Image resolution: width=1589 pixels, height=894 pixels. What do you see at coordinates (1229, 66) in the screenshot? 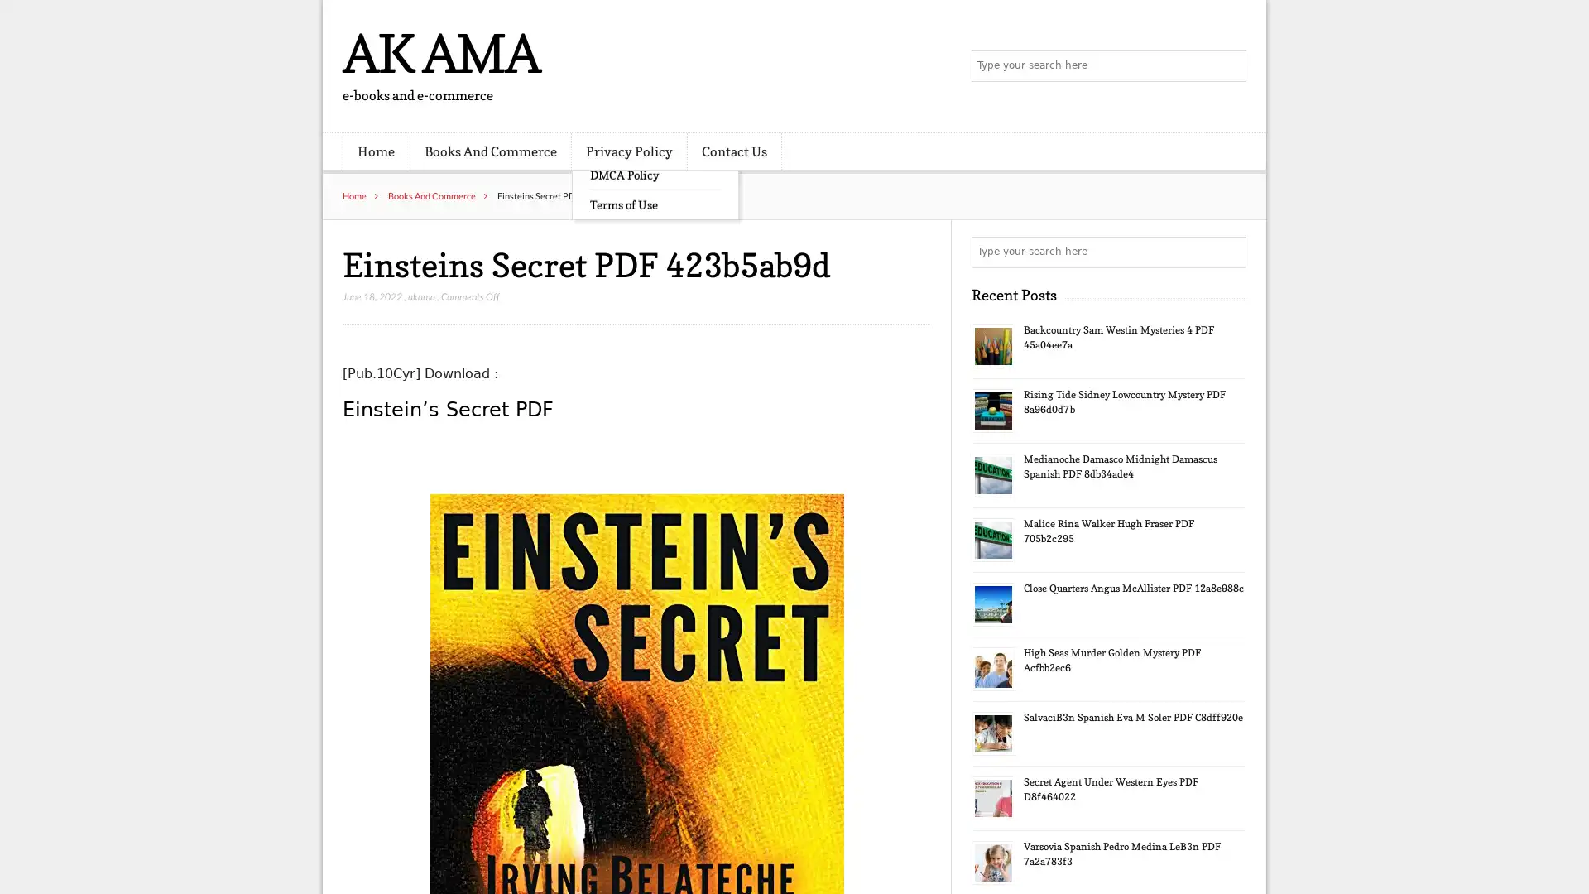
I see `Search` at bounding box center [1229, 66].